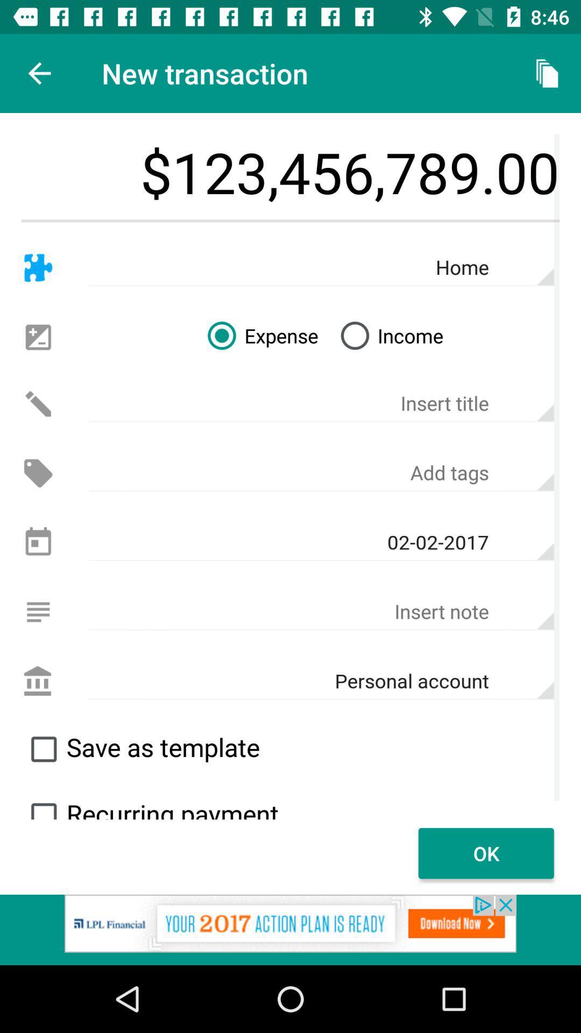 The image size is (581, 1033). Describe the element at coordinates (321, 403) in the screenshot. I see `insert title` at that location.